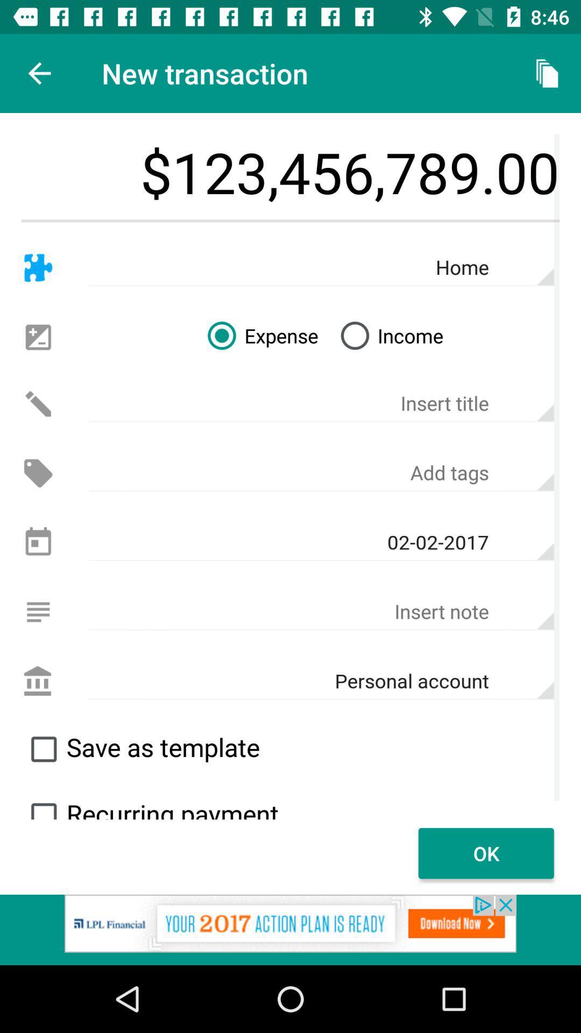 The image size is (581, 1033). Describe the element at coordinates (321, 403) in the screenshot. I see `insert title` at that location.